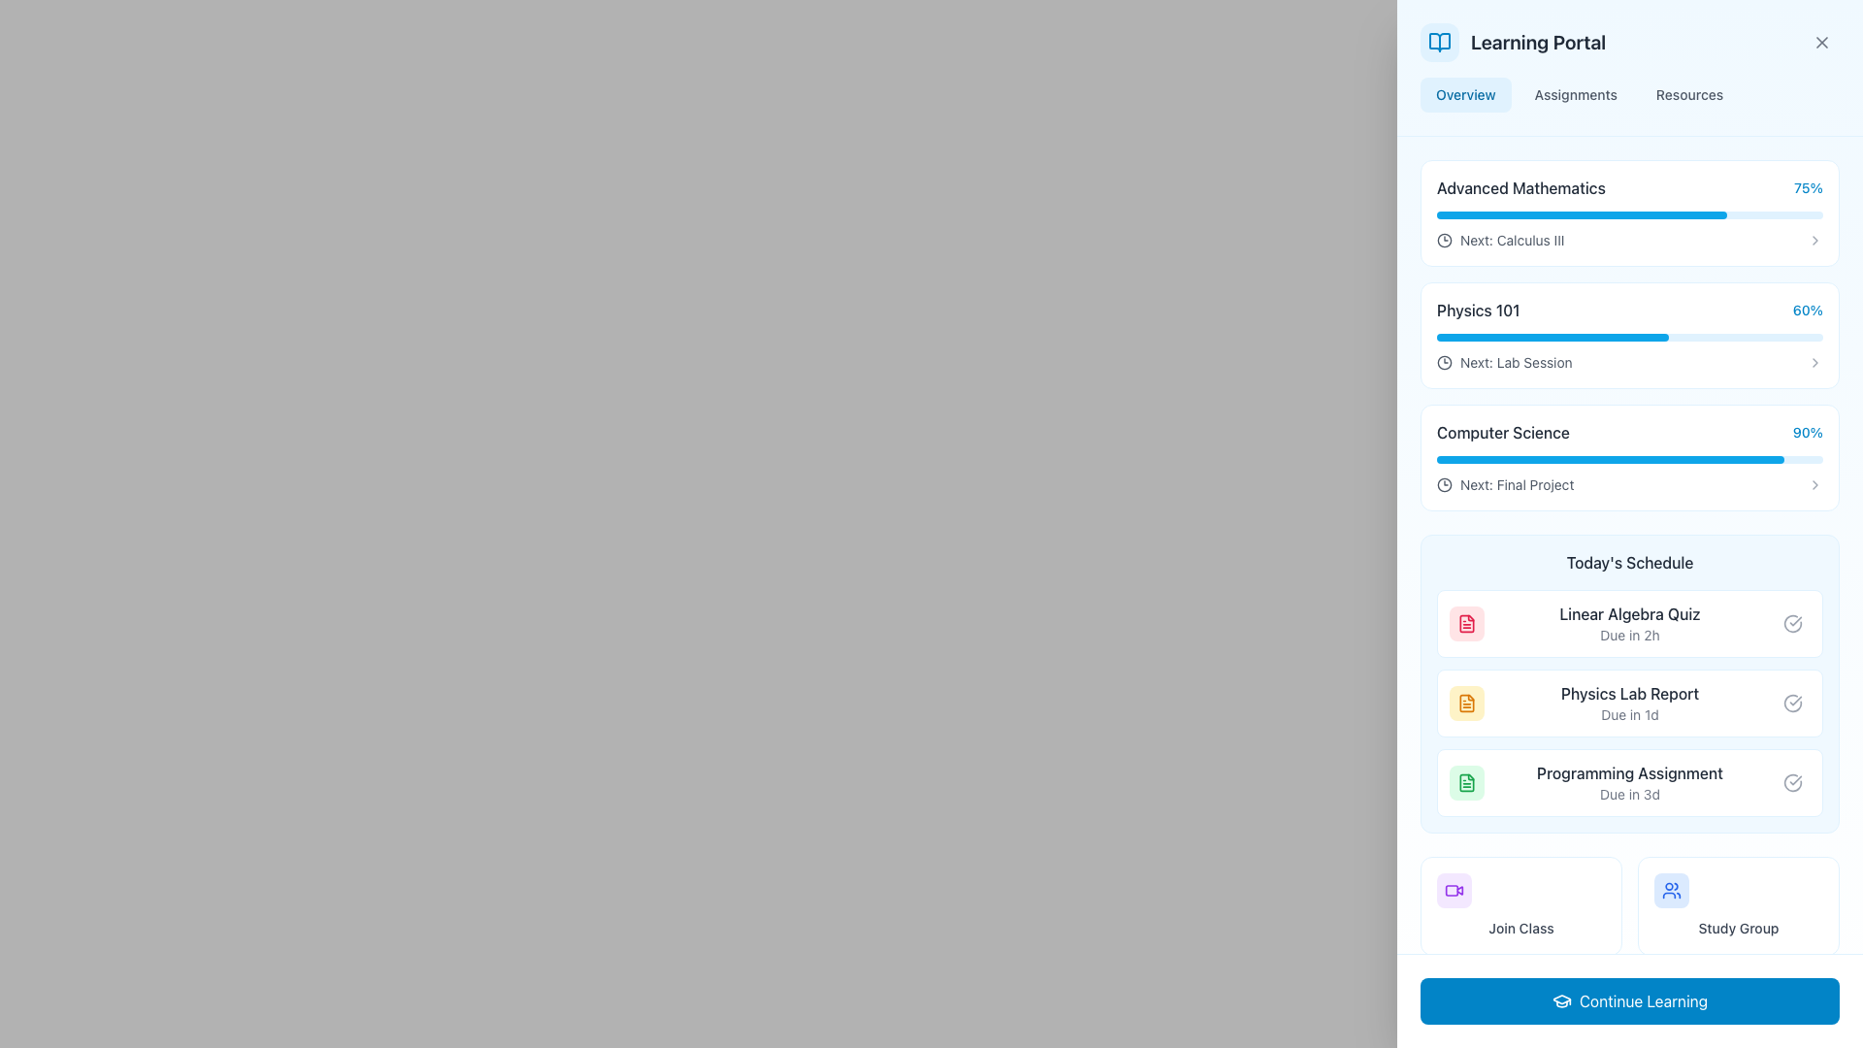 This screenshot has height=1048, width=1863. What do you see at coordinates (1503, 363) in the screenshot?
I see `the Text label with accompanying clock icon indicating the next scheduled activity for the 'Physics 101' course, located below the progress bar` at bounding box center [1503, 363].